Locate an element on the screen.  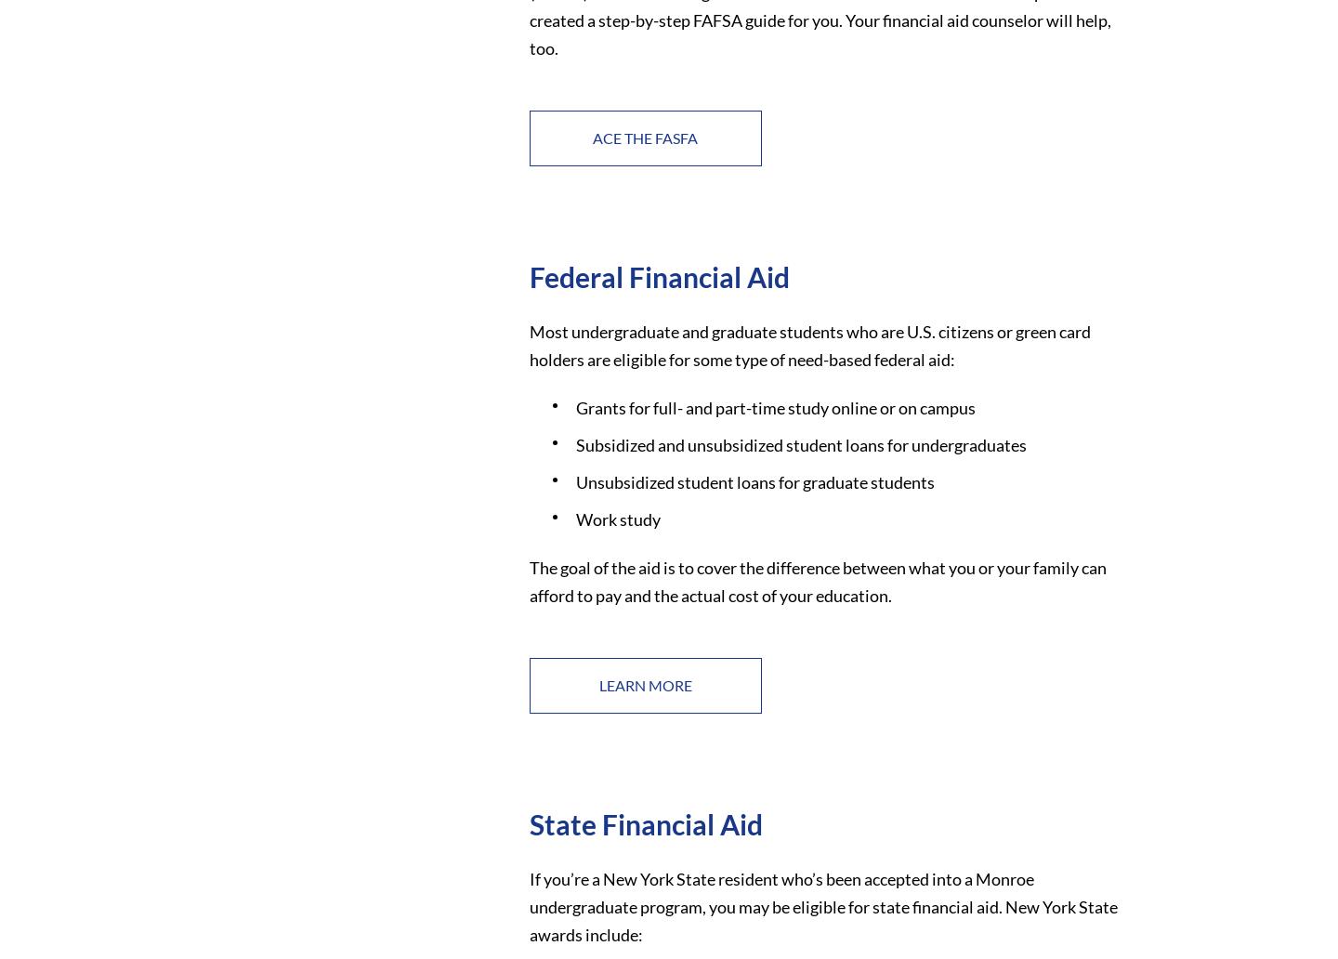
'Ace the FASFA' is located at coordinates (645, 136).